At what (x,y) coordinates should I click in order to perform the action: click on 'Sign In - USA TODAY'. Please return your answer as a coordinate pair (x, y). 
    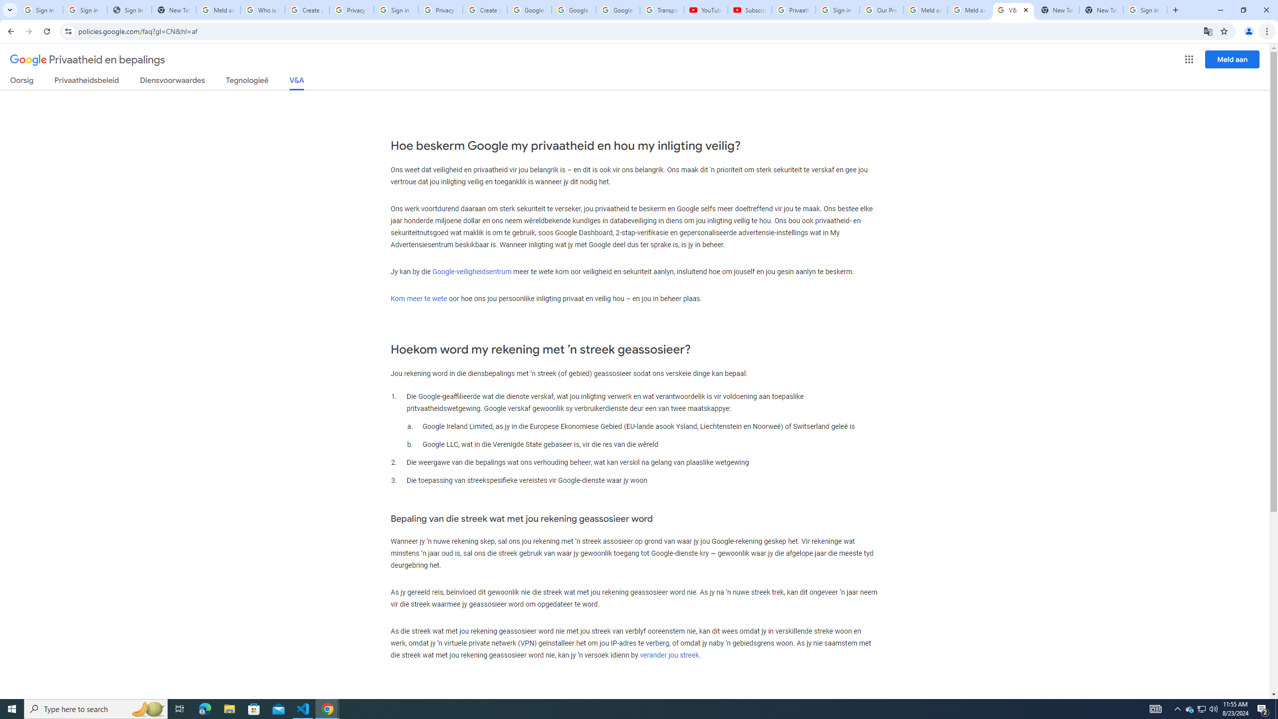
    Looking at the image, I should click on (128, 9).